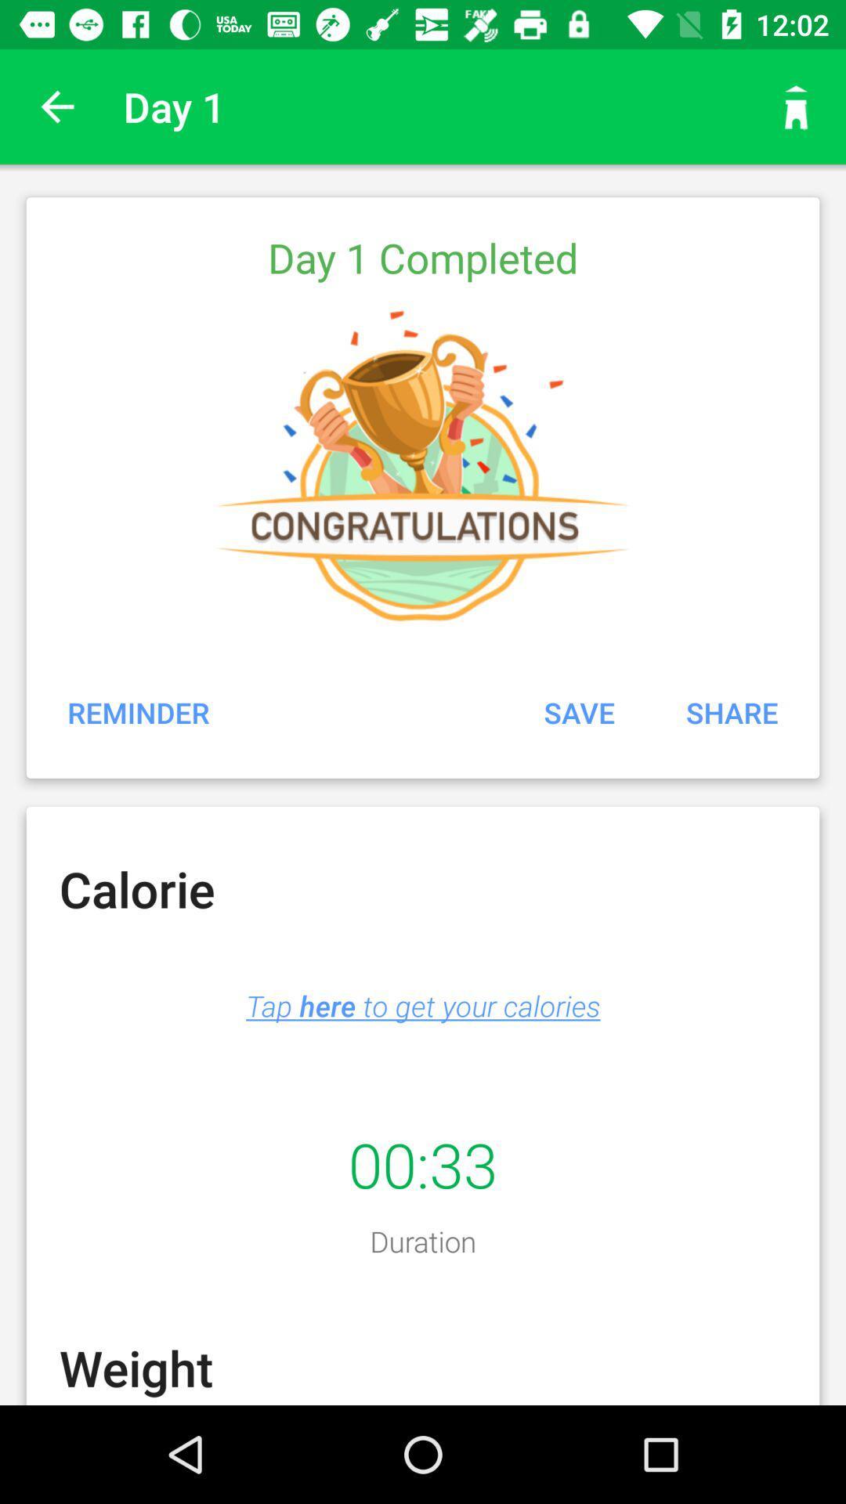  I want to click on icon next to save icon, so click(732, 711).